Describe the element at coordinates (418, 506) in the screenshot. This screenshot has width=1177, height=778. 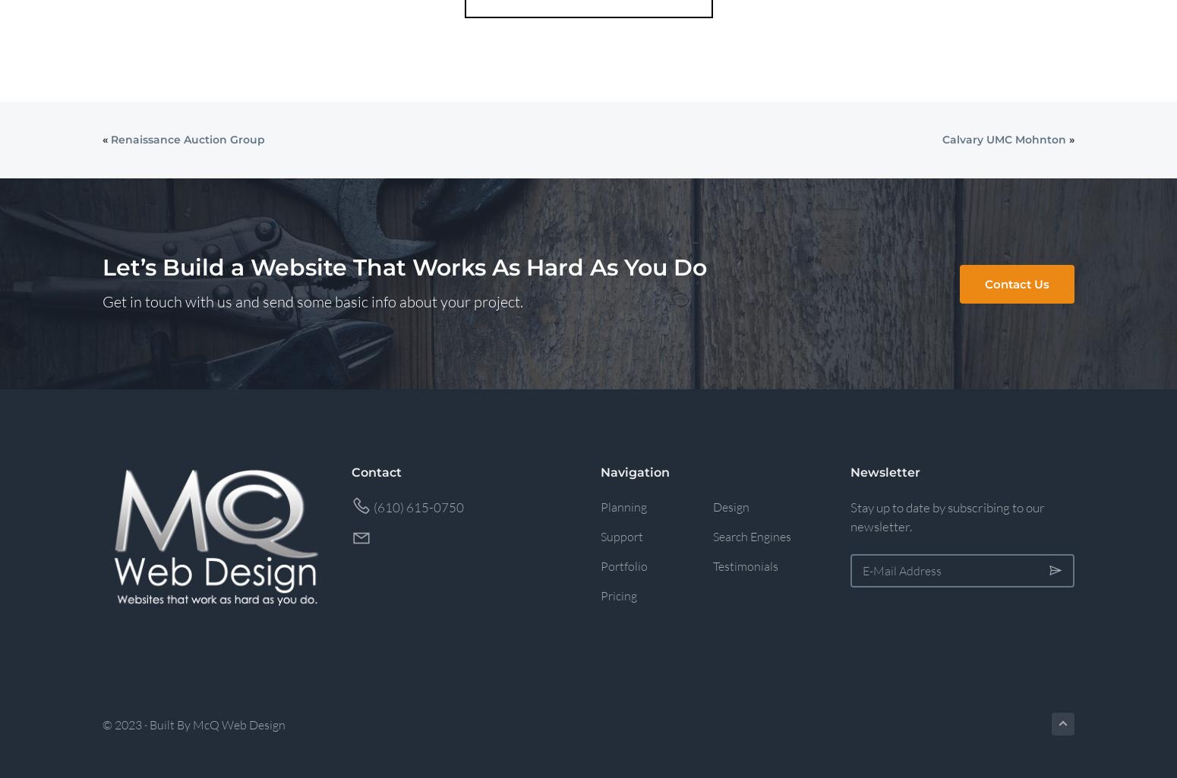
I see `'(610) 615-0750'` at that location.